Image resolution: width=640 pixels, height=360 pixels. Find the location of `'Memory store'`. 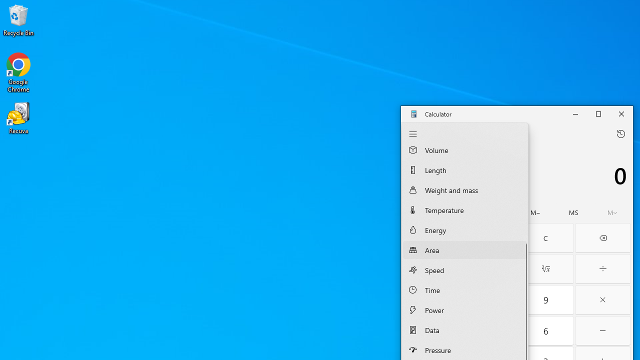

'Memory store' is located at coordinates (573, 212).